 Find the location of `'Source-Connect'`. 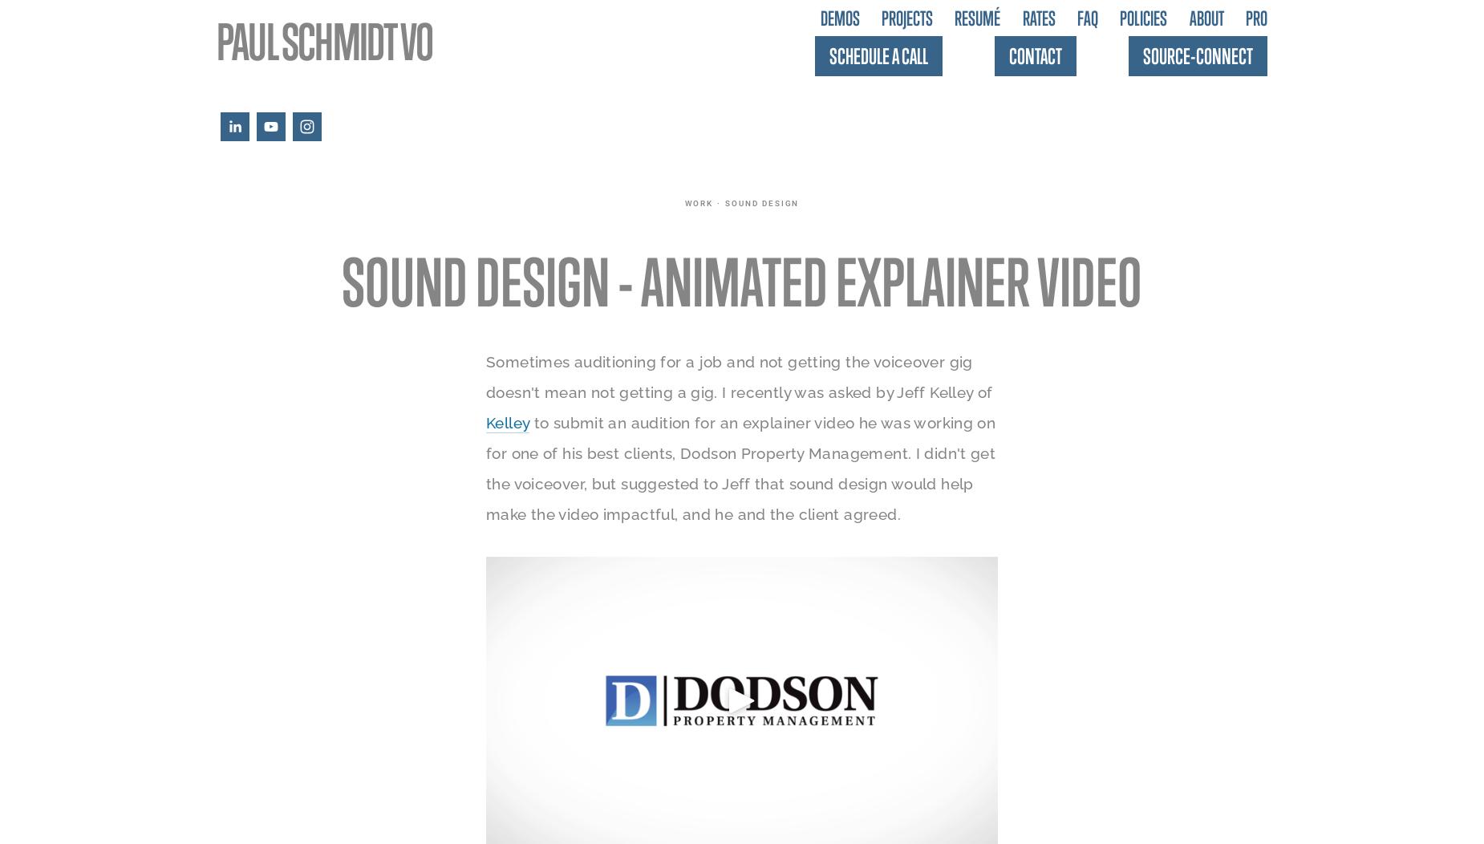

'Source-Connect' is located at coordinates (1198, 55).